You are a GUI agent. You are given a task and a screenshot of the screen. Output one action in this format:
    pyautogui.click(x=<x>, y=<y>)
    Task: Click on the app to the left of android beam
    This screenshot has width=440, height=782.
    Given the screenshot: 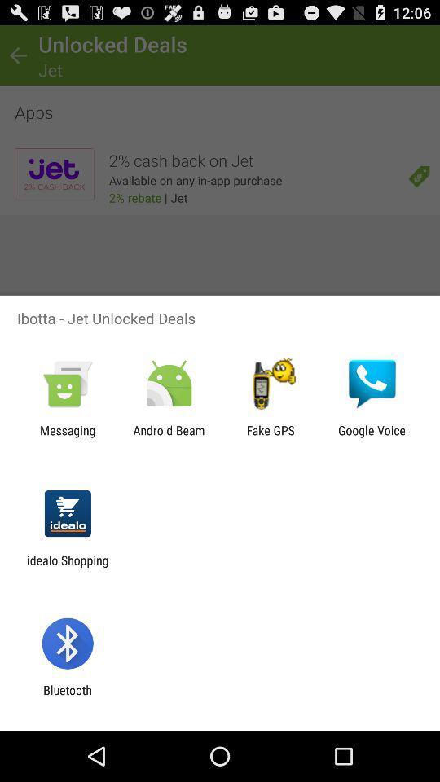 What is the action you would take?
    pyautogui.click(x=67, y=437)
    